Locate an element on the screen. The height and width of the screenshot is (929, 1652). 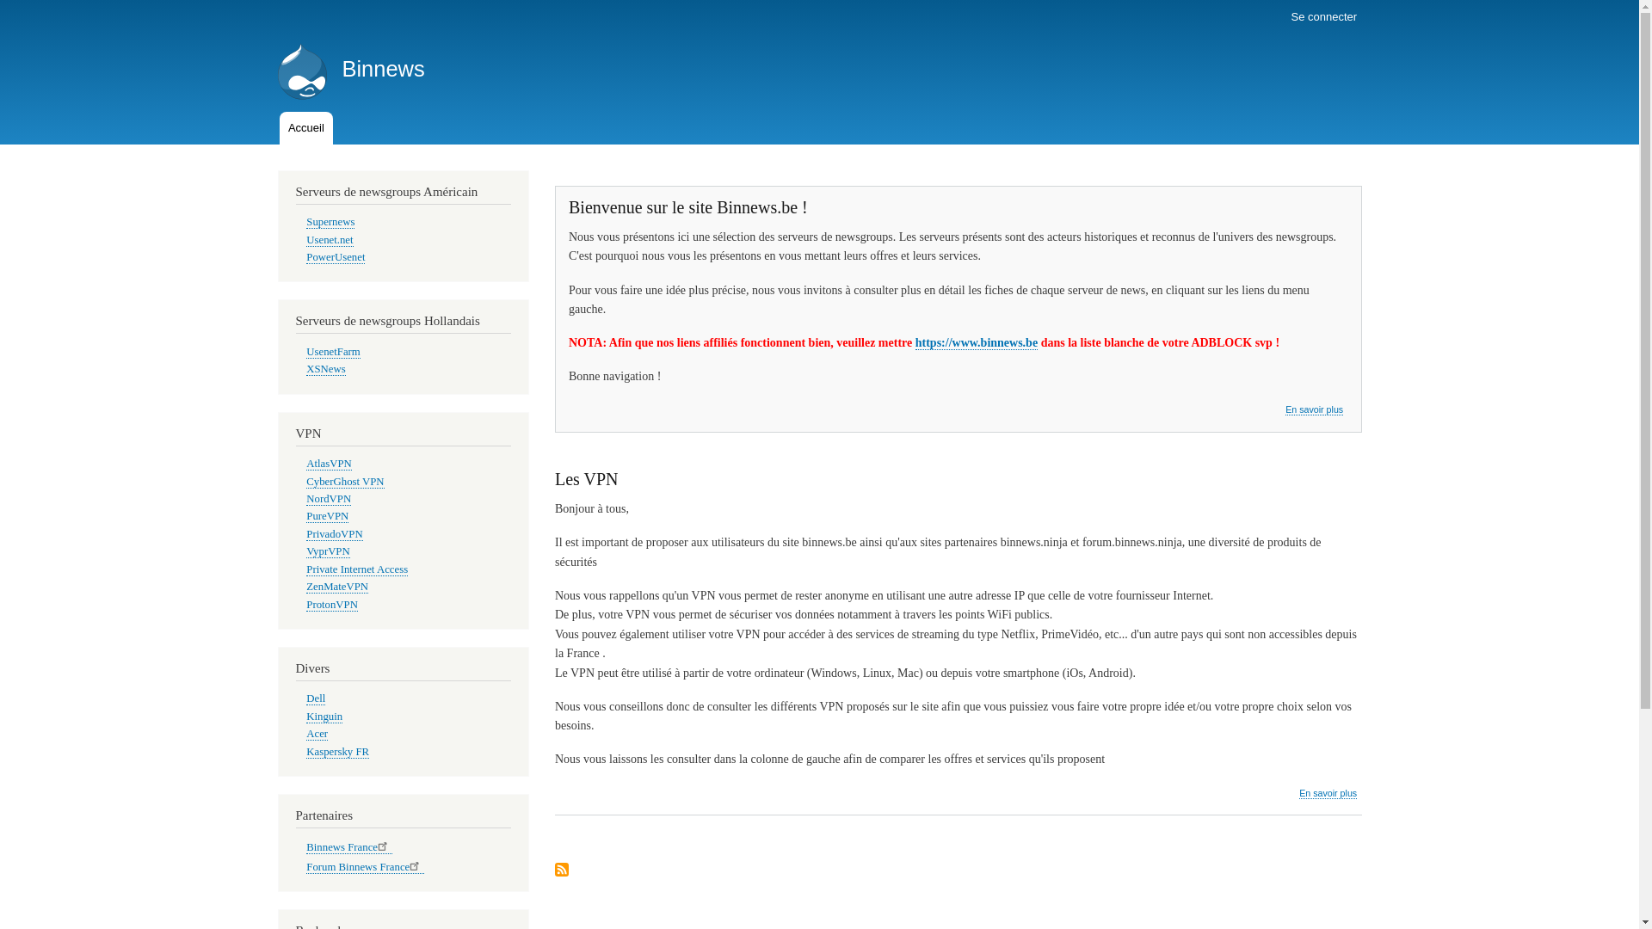
'PrivadoVPN' is located at coordinates (334, 533).